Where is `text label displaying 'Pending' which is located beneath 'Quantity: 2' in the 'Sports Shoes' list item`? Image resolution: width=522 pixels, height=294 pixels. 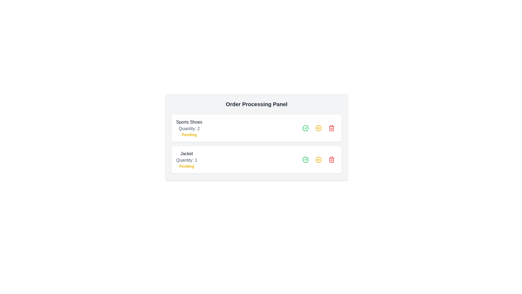
text label displaying 'Pending' which is located beneath 'Quantity: 2' in the 'Sports Shoes' list item is located at coordinates (189, 134).